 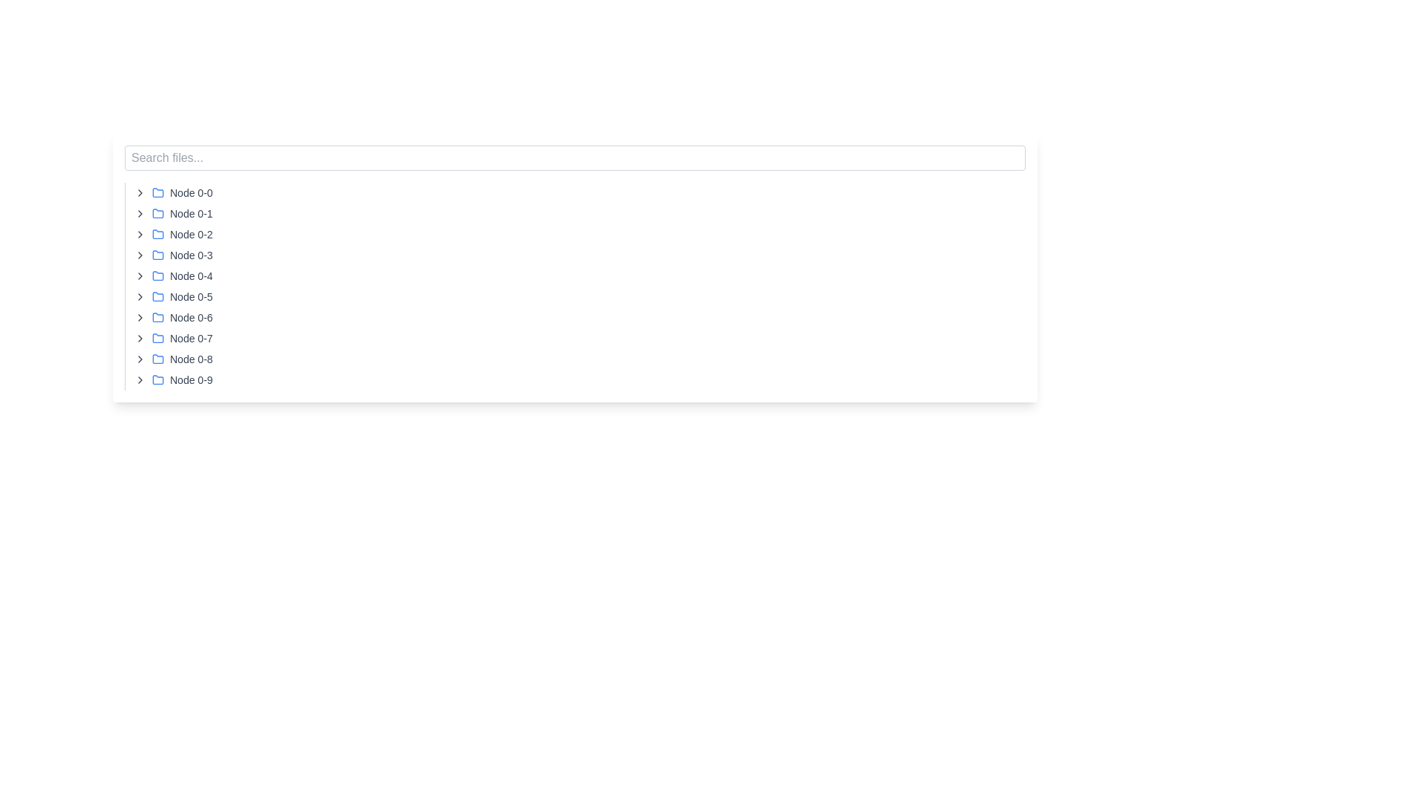 I want to click on the text label displaying 'Node 0-4', so click(x=190, y=276).